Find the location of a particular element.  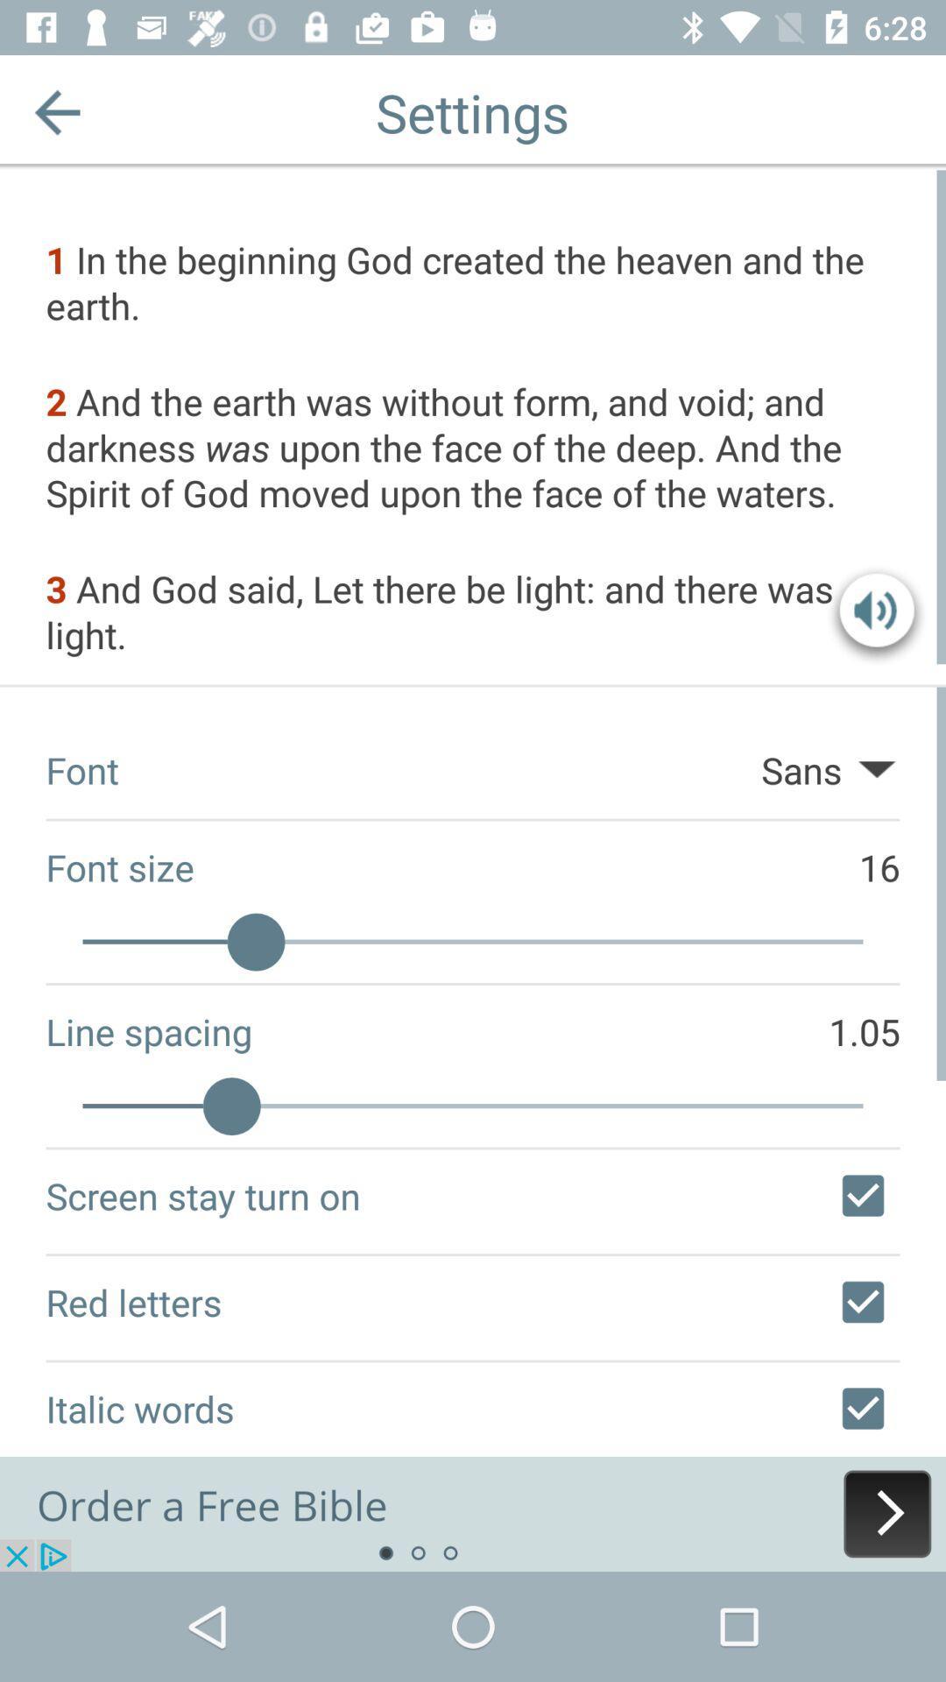

change volume is located at coordinates (877, 615).